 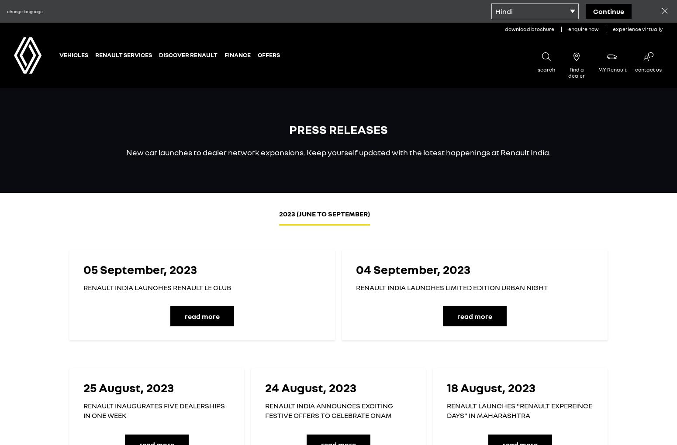 I want to click on 'New car launches to dealer network expansions. Keep yourself updated with the latest happenings at Renault India.', so click(x=338, y=152).